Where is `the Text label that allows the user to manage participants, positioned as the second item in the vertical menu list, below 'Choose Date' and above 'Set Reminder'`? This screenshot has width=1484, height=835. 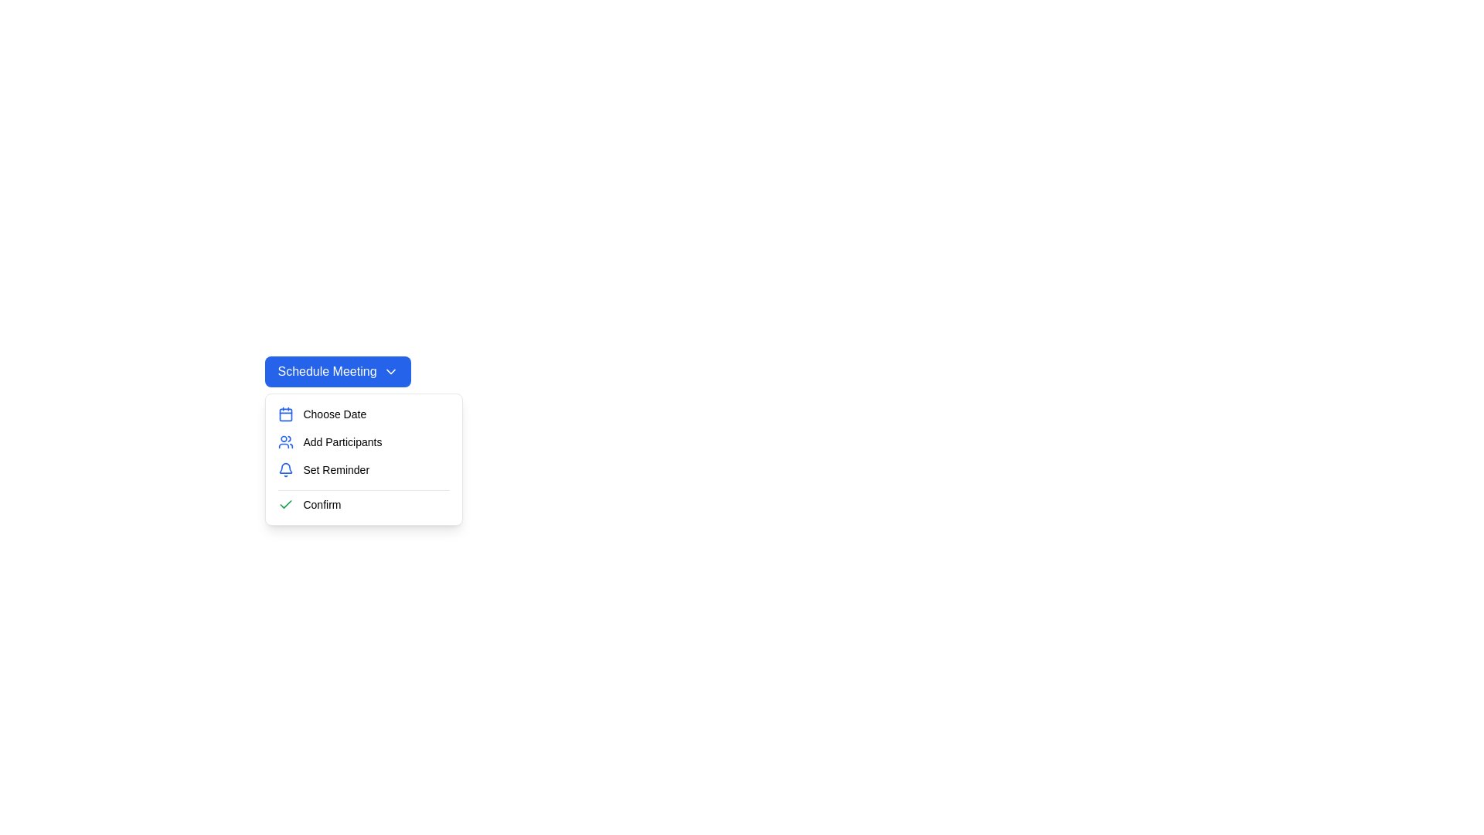 the Text label that allows the user to manage participants, positioned as the second item in the vertical menu list, below 'Choose Date' and above 'Set Reminder' is located at coordinates (342, 441).